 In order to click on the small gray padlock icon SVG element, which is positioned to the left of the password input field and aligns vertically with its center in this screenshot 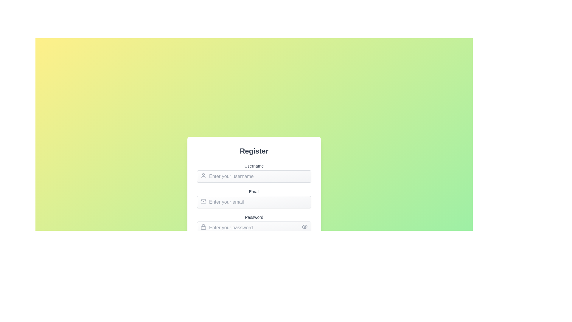, I will do `click(203, 227)`.